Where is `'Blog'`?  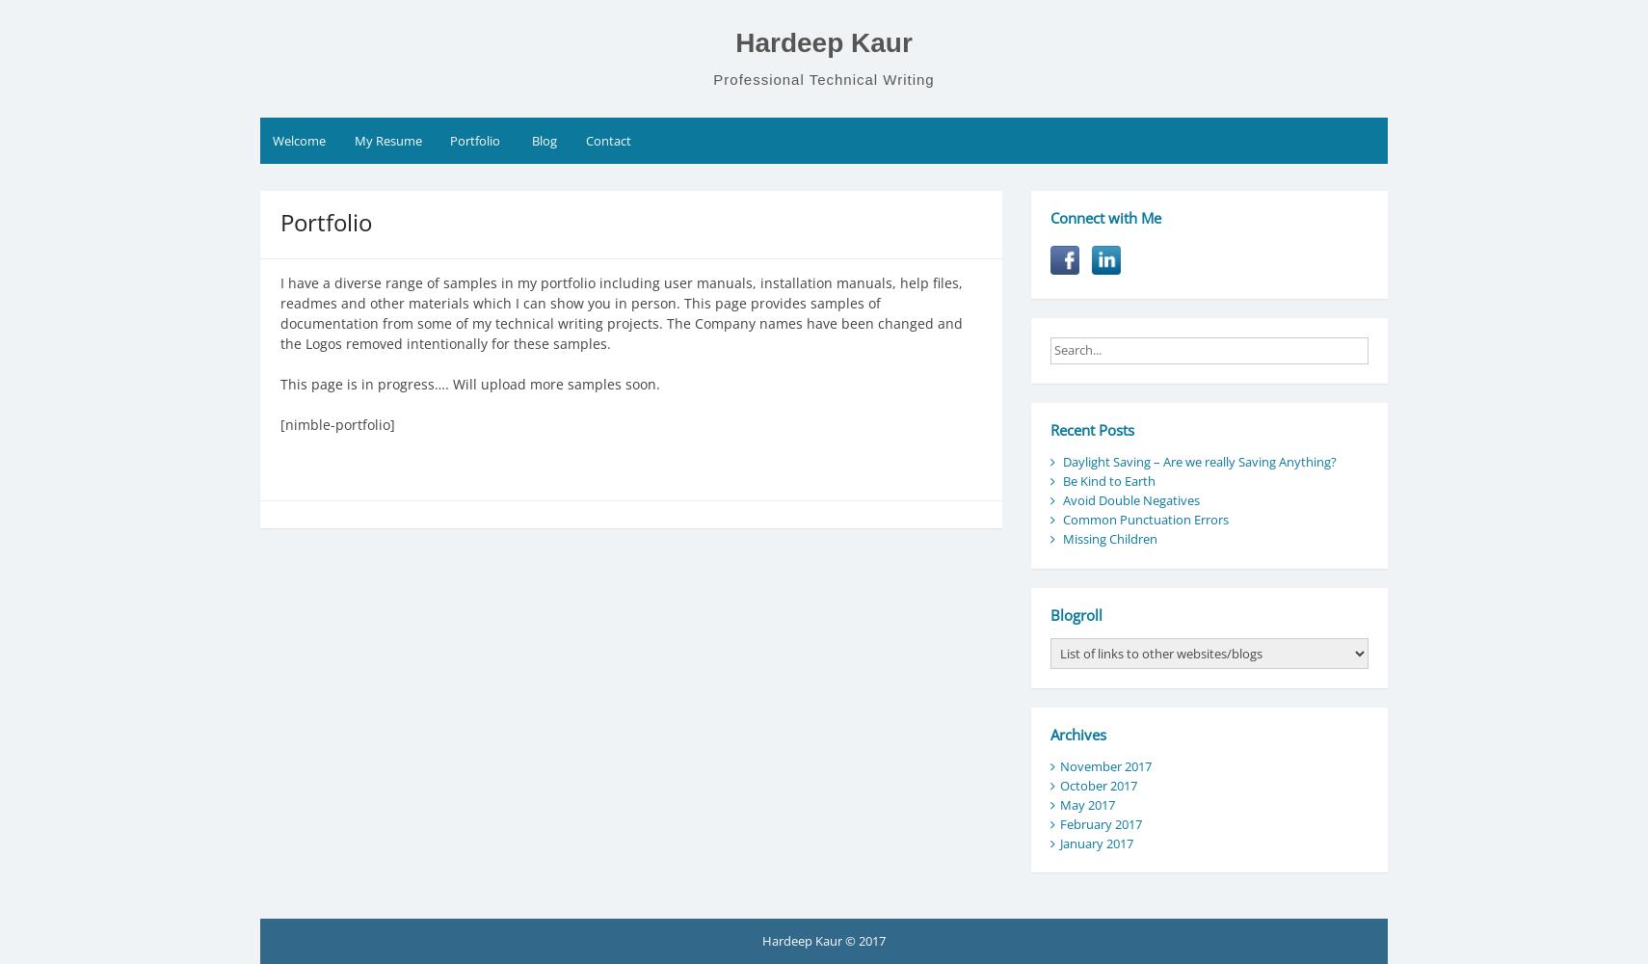
'Blog' is located at coordinates (544, 141).